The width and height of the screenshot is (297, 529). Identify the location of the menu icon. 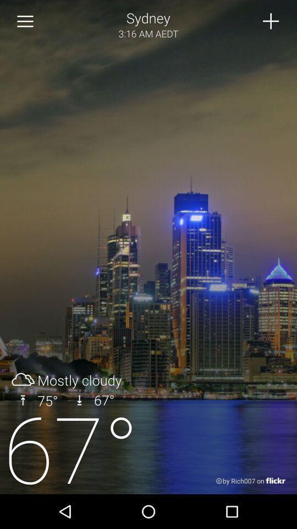
(25, 23).